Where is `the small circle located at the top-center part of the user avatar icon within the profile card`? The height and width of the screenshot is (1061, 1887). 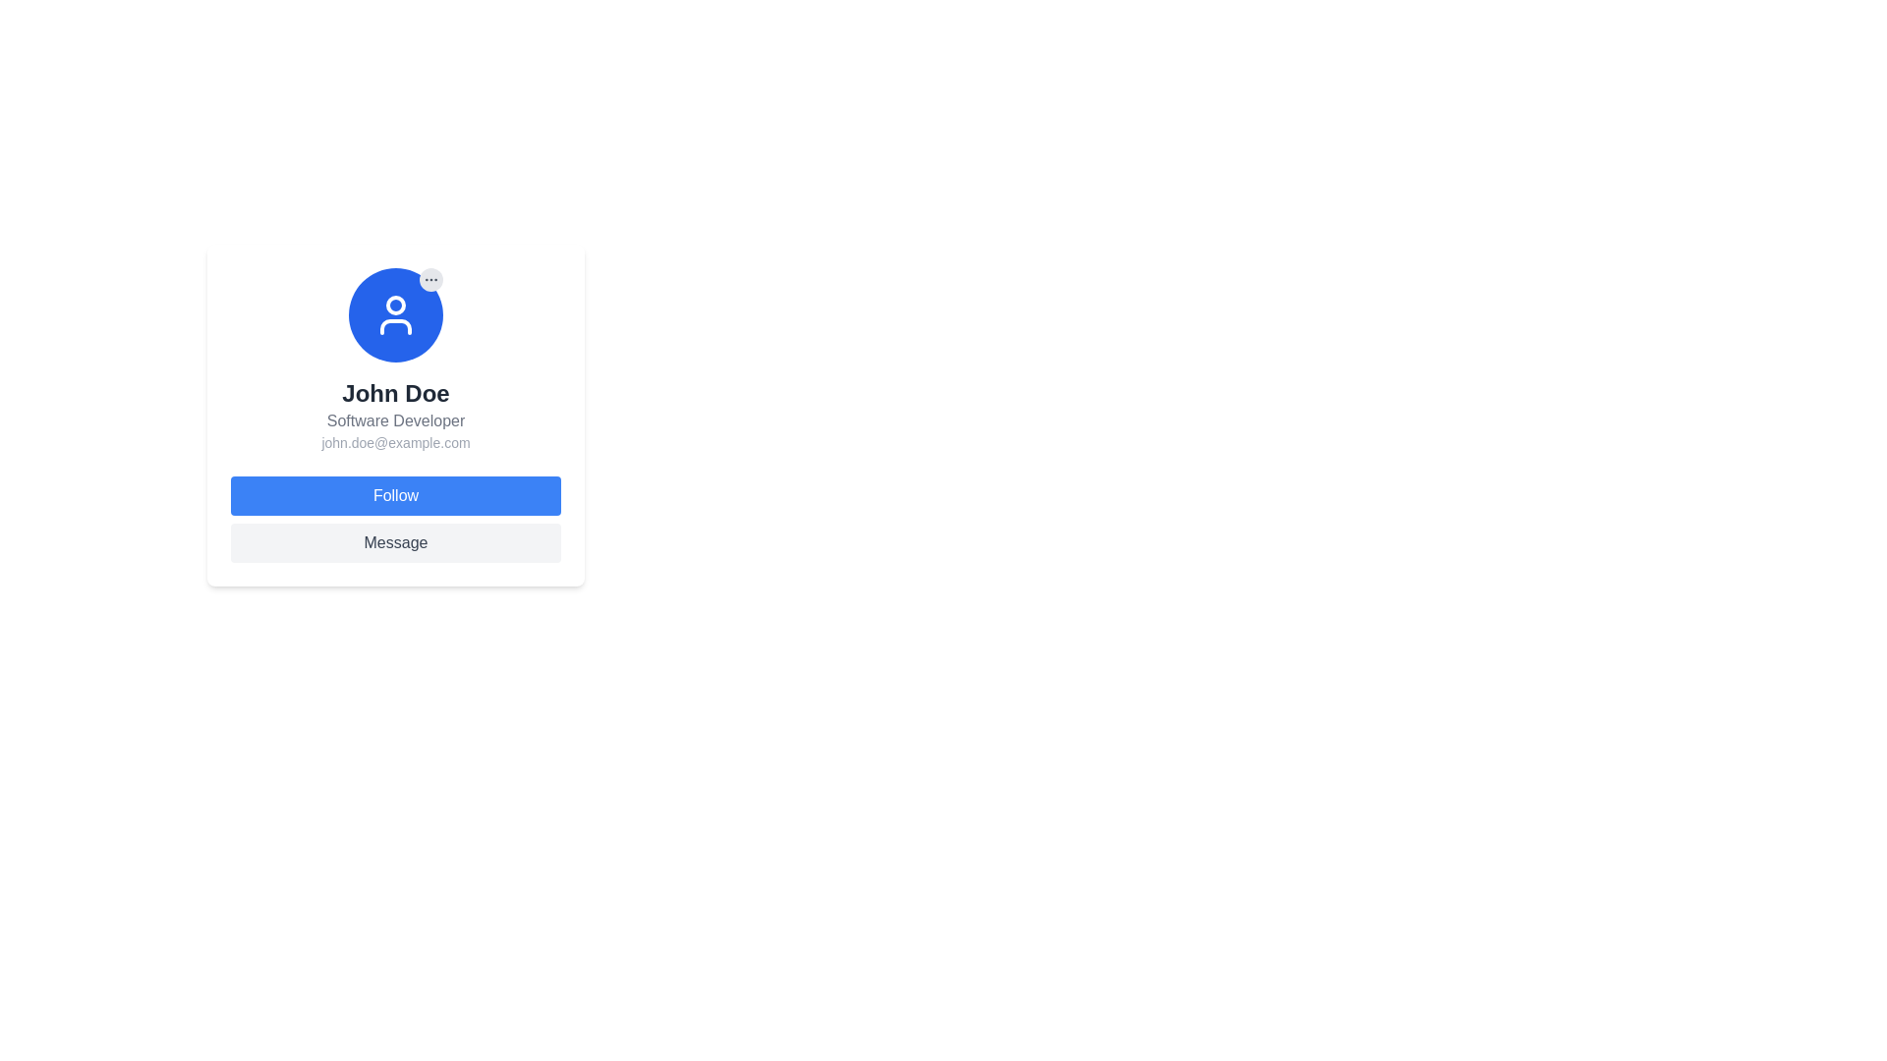
the small circle located at the top-center part of the user avatar icon within the profile card is located at coordinates (395, 306).